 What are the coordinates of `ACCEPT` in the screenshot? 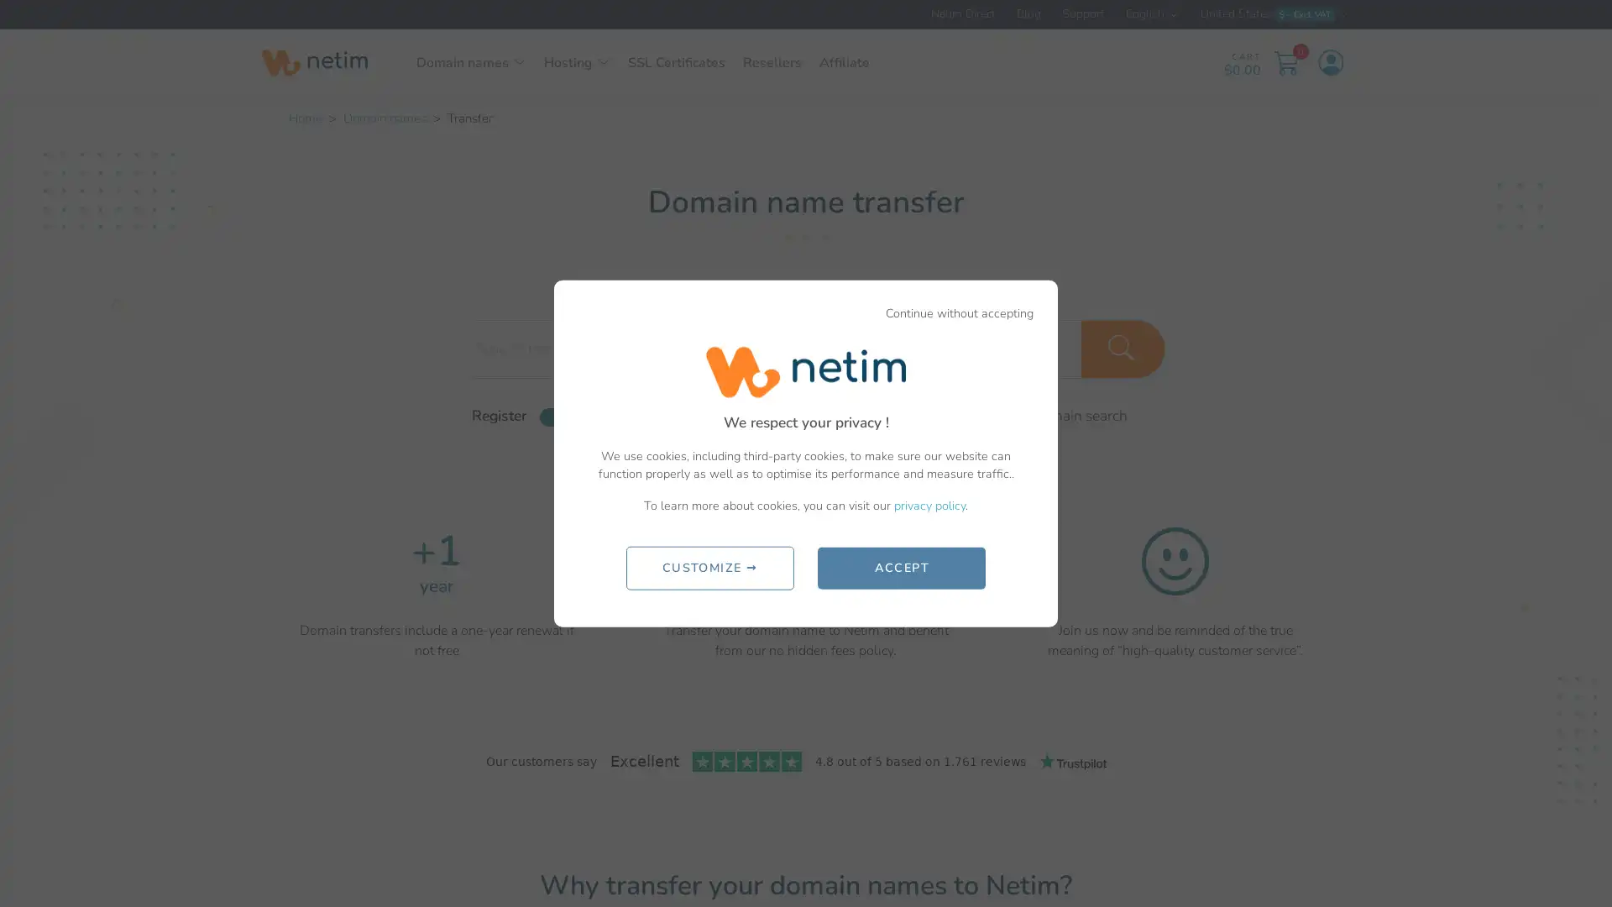 It's located at (901, 567).